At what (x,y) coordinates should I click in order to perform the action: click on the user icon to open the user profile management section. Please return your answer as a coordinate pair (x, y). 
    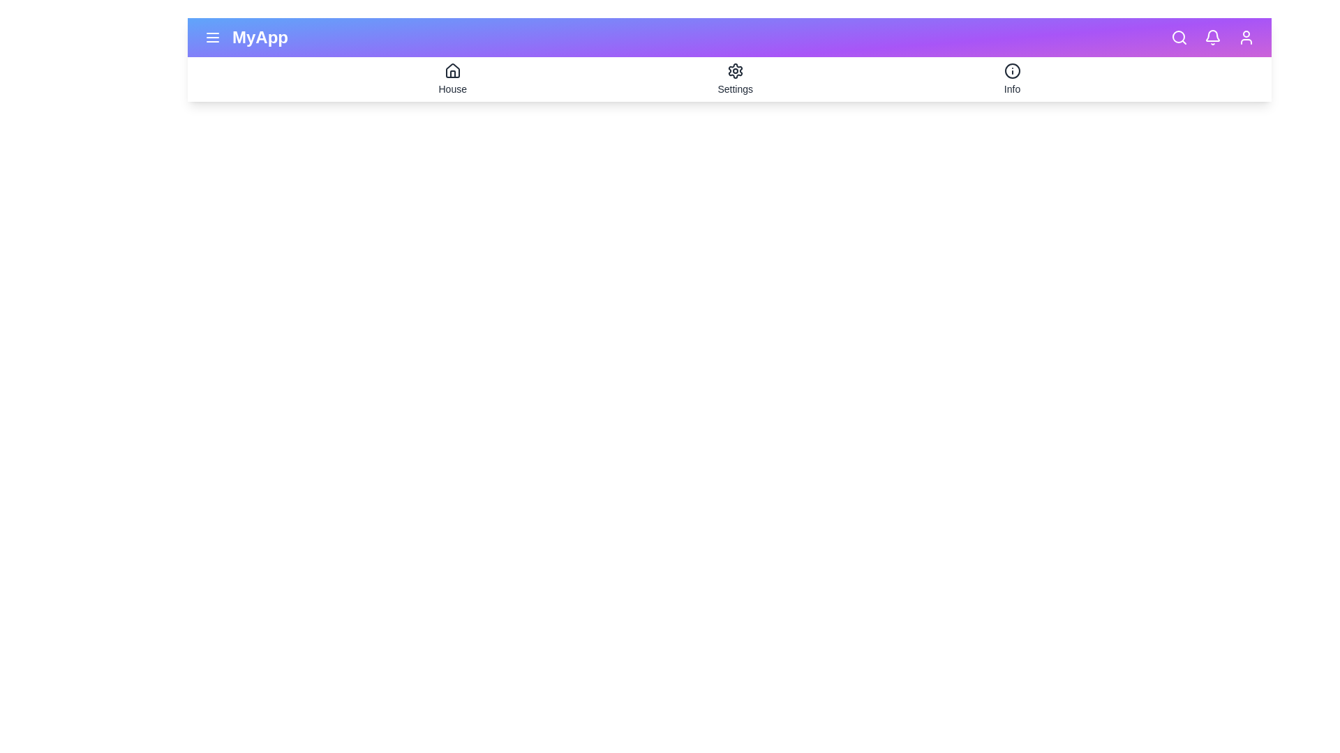
    Looking at the image, I should click on (1246, 37).